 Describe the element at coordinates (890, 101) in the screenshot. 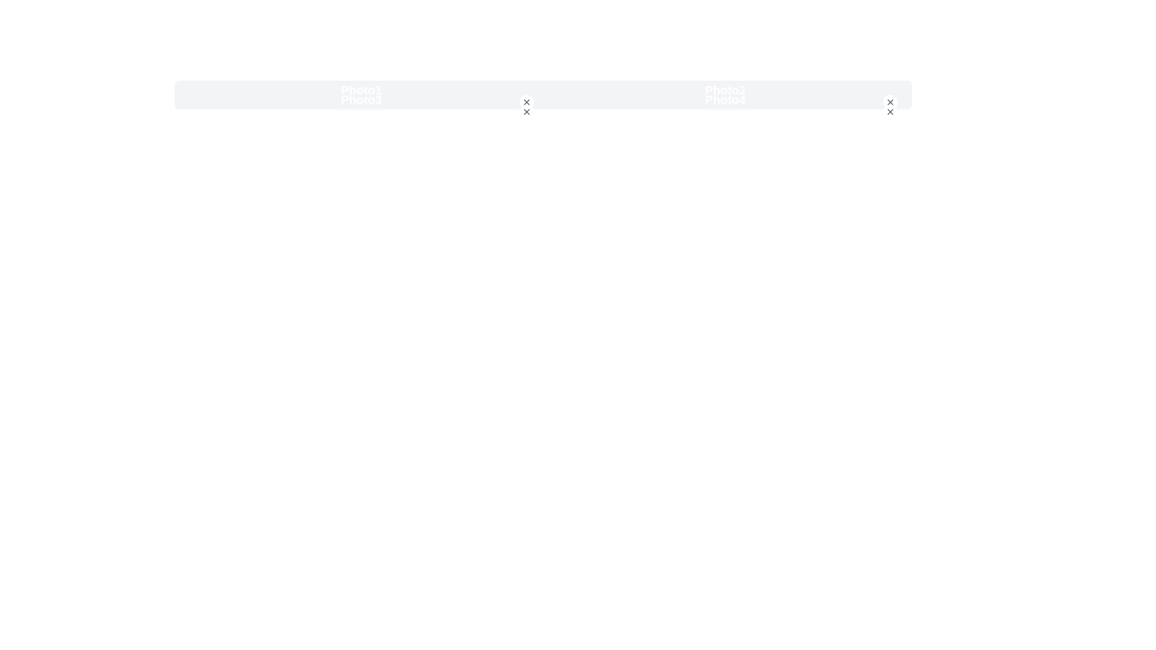

I see `the small circular button with a white background and an 'X' icon in gray, located at the top-right corner of the 'Photo2' section` at that location.